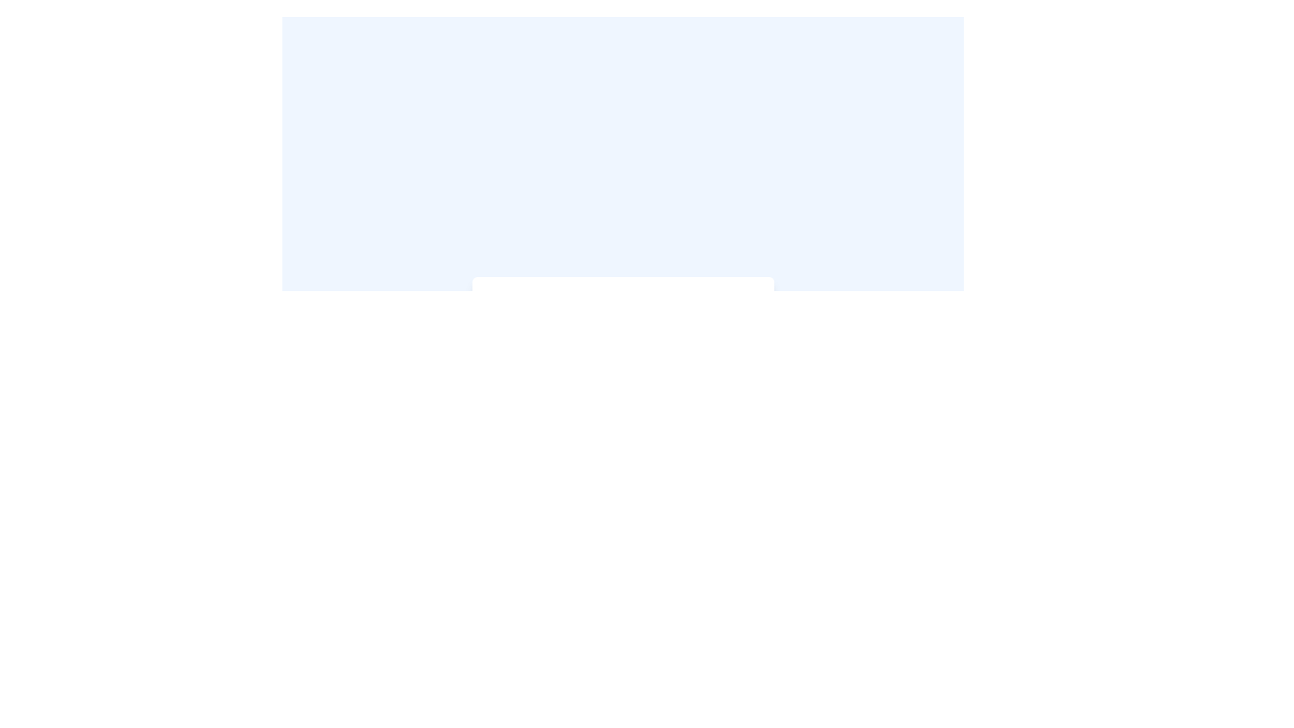 Image resolution: width=1294 pixels, height=728 pixels. I want to click on the close button located at the top-right corner of the white rectangular card, adjacent to the title 'Ordered List', so click(755, 295).